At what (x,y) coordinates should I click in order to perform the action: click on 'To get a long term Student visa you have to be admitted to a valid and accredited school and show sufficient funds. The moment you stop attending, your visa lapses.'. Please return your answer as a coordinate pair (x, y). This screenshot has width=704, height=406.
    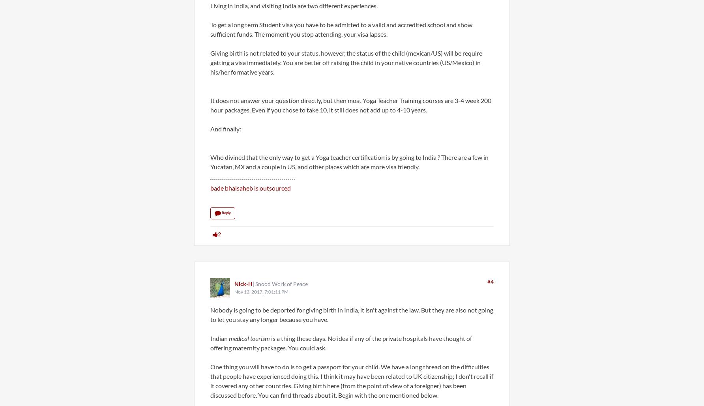
    Looking at the image, I should click on (341, 29).